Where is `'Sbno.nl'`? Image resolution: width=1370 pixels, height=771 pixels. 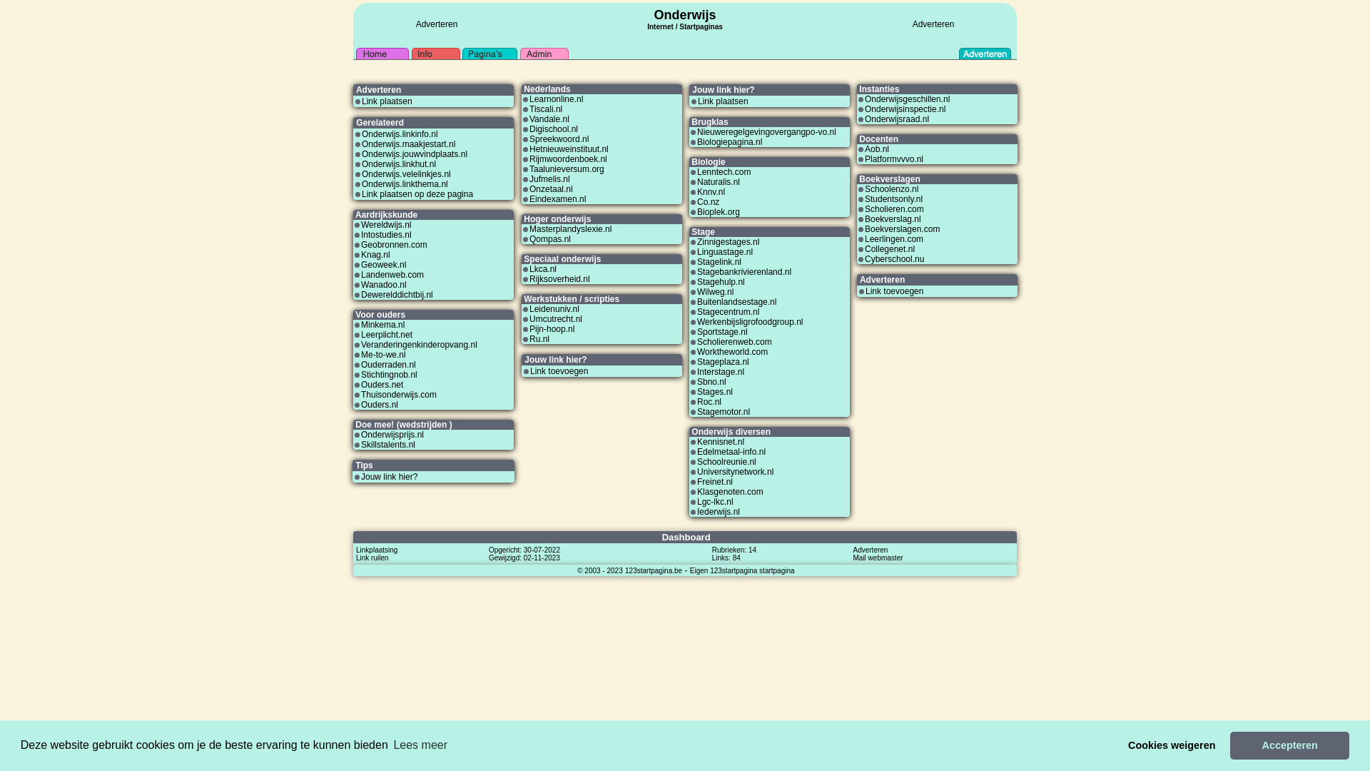 'Sbno.nl' is located at coordinates (711, 381).